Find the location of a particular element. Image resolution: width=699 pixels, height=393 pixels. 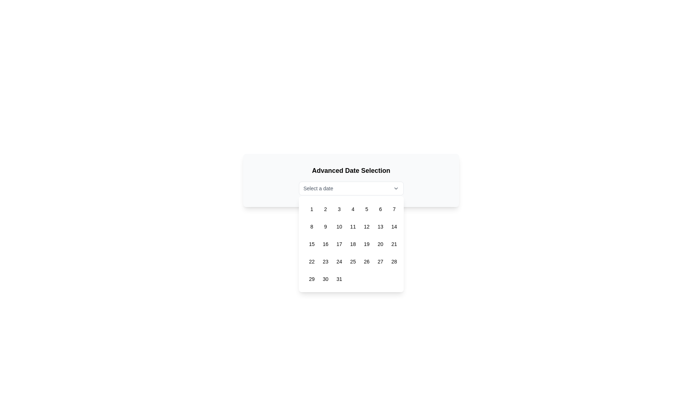

the circular button labeled '26' in the date grid is located at coordinates (367, 261).